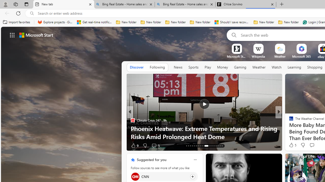 Image resolution: width=325 pixels, height=182 pixels. I want to click on 'AutomationID: tab-16', so click(192, 146).